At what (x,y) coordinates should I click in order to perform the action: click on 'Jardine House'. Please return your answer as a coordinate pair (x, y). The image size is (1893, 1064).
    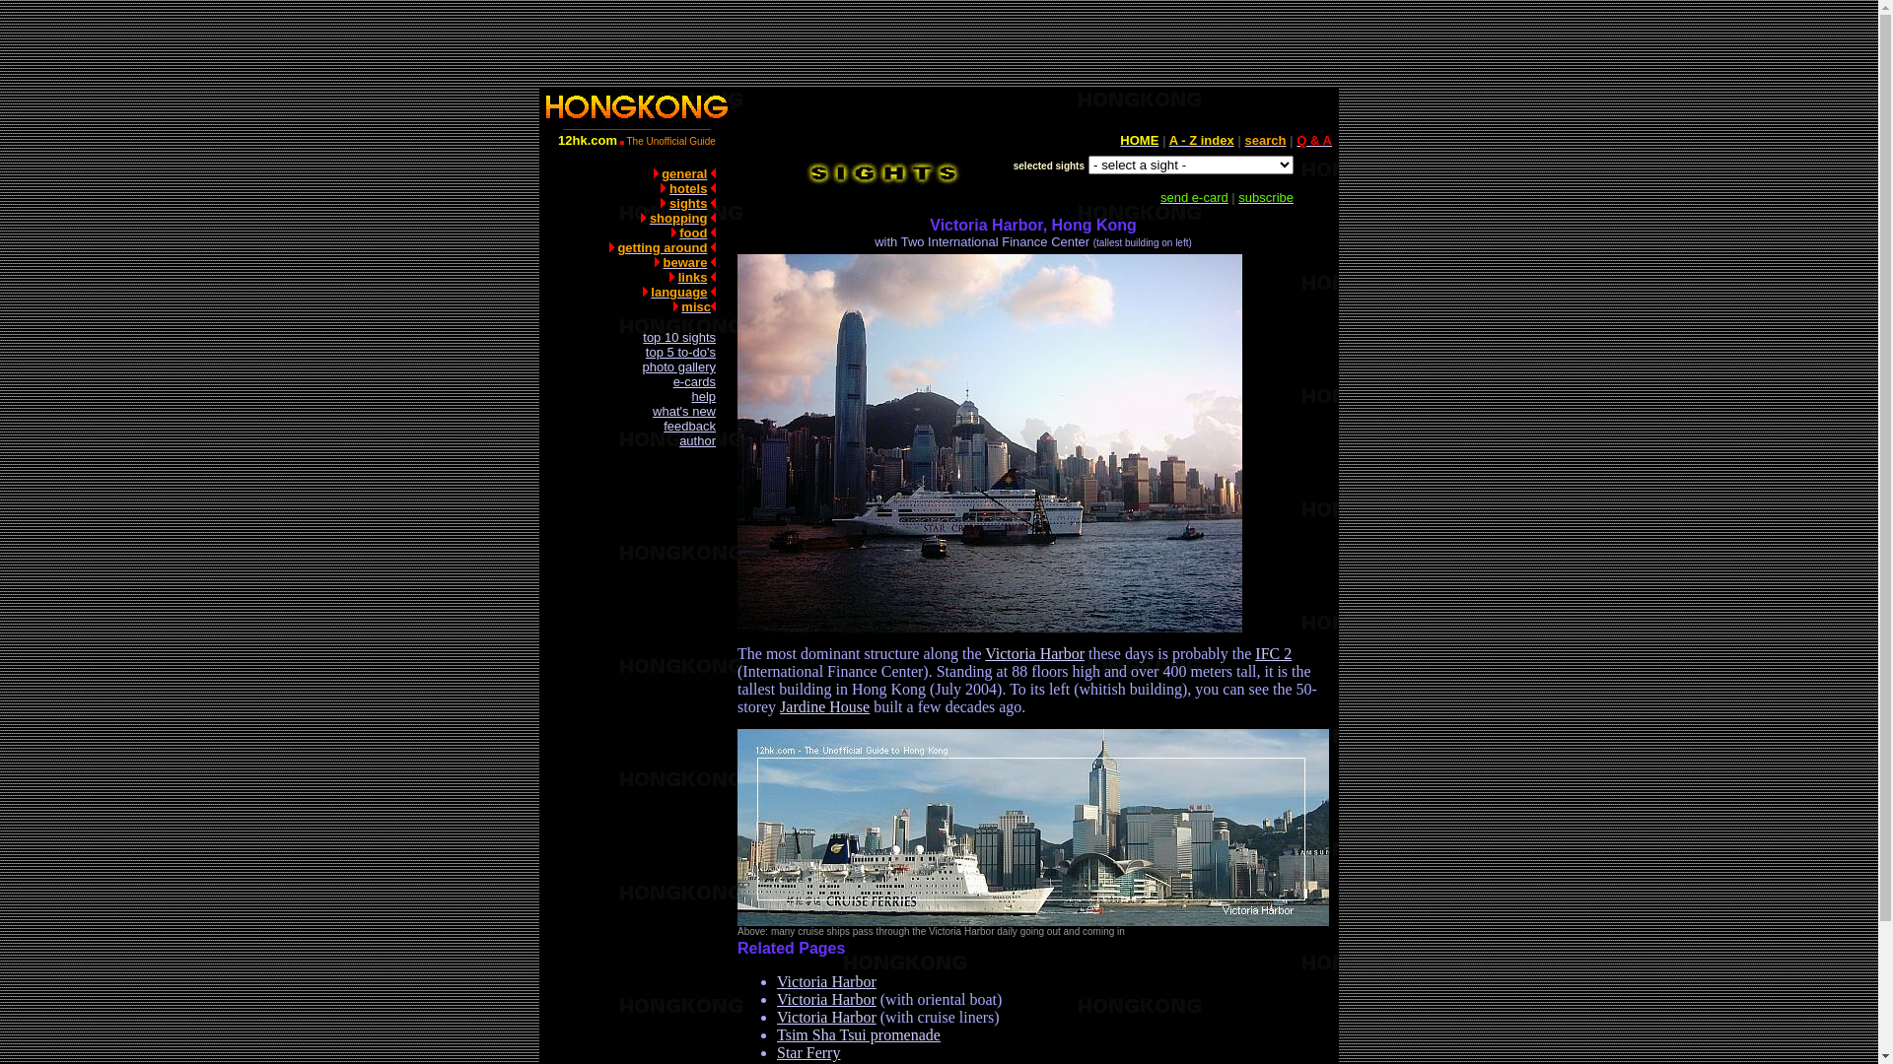
    Looking at the image, I should click on (779, 705).